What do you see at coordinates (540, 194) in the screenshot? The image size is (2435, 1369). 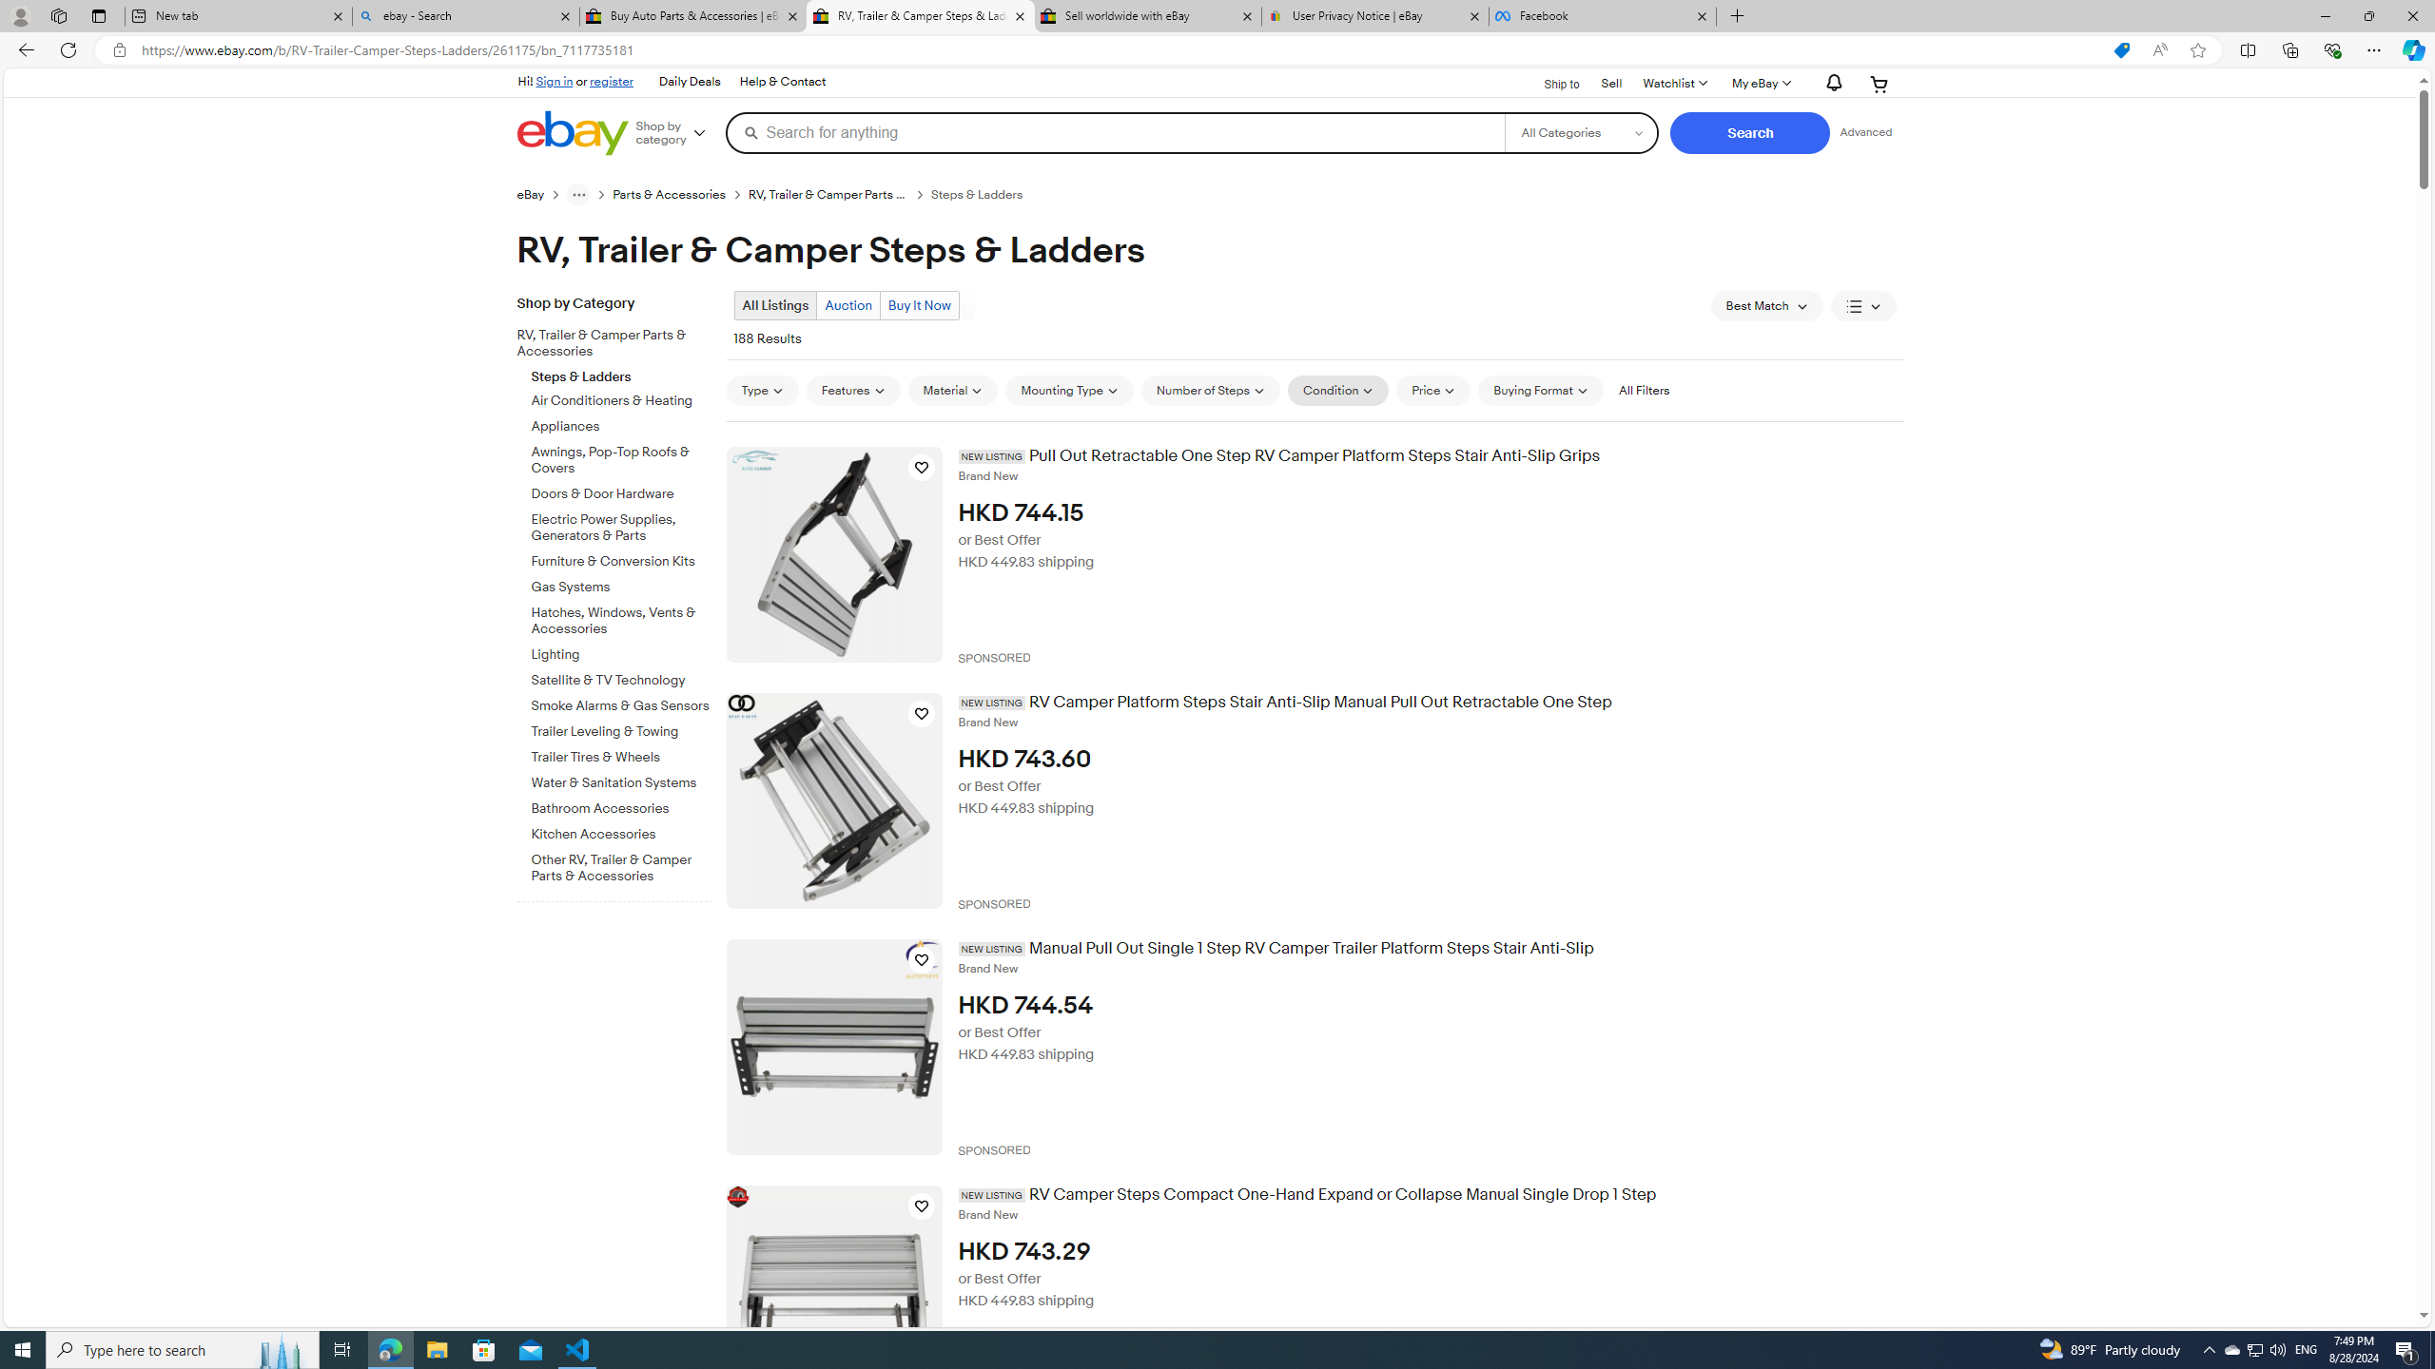 I see `'eBay'` at bounding box center [540, 194].